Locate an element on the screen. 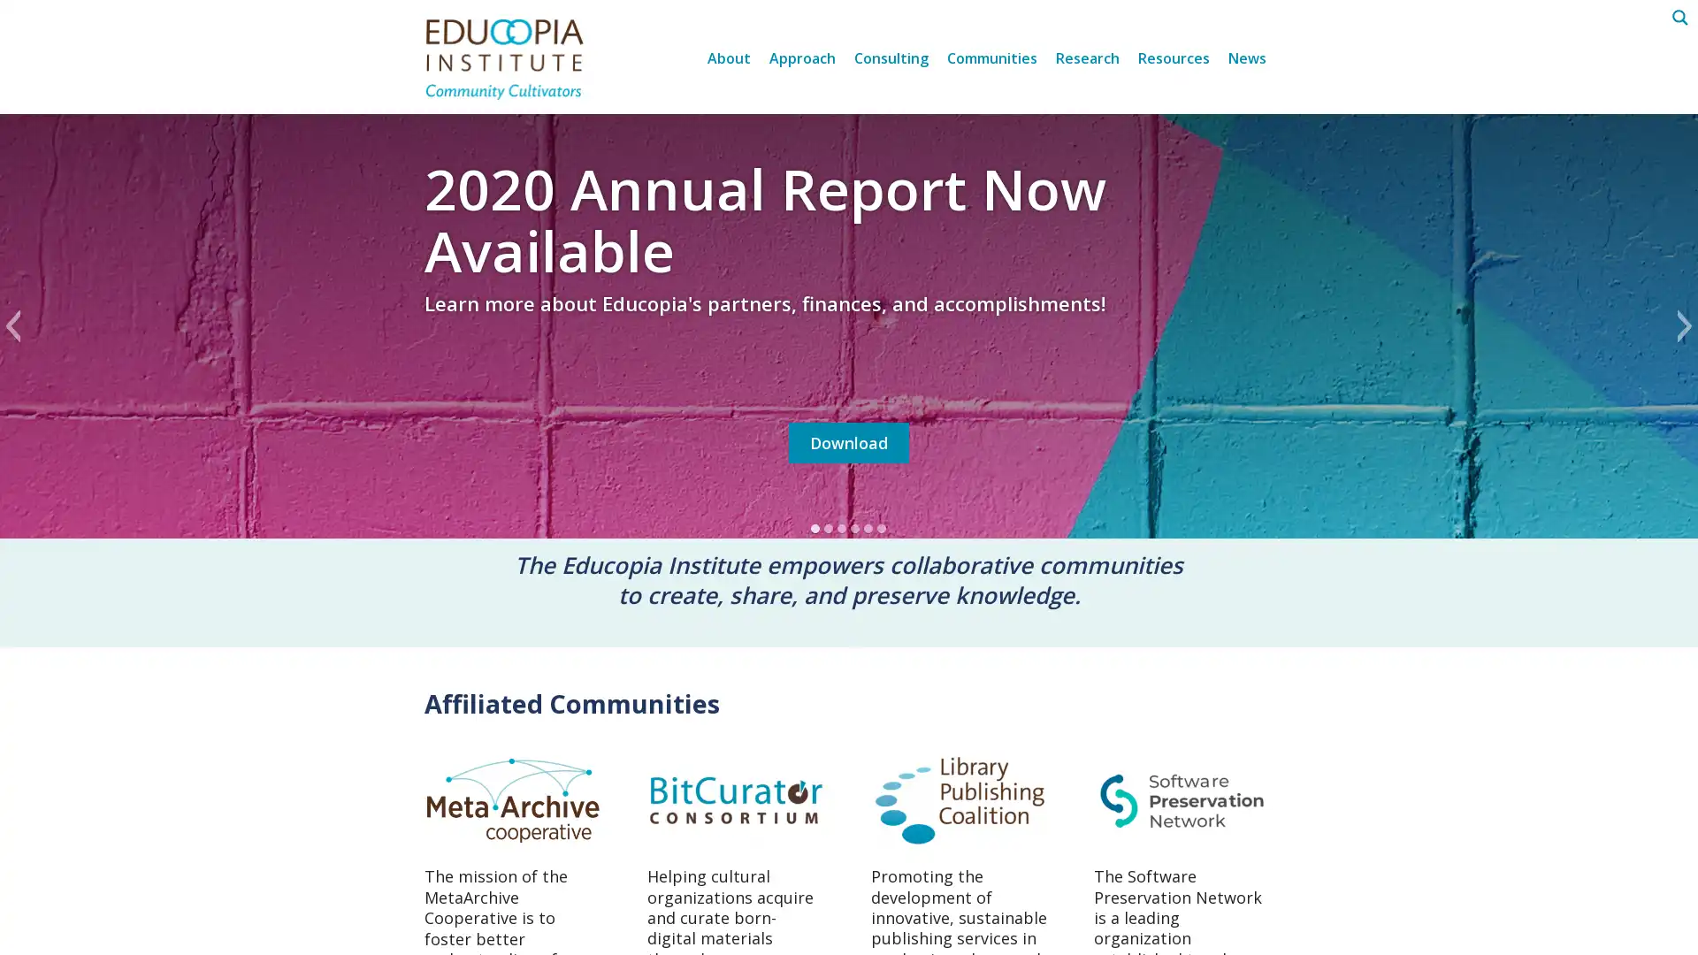 This screenshot has height=955, width=1698. Go to slide 1 is located at coordinates (815, 528).